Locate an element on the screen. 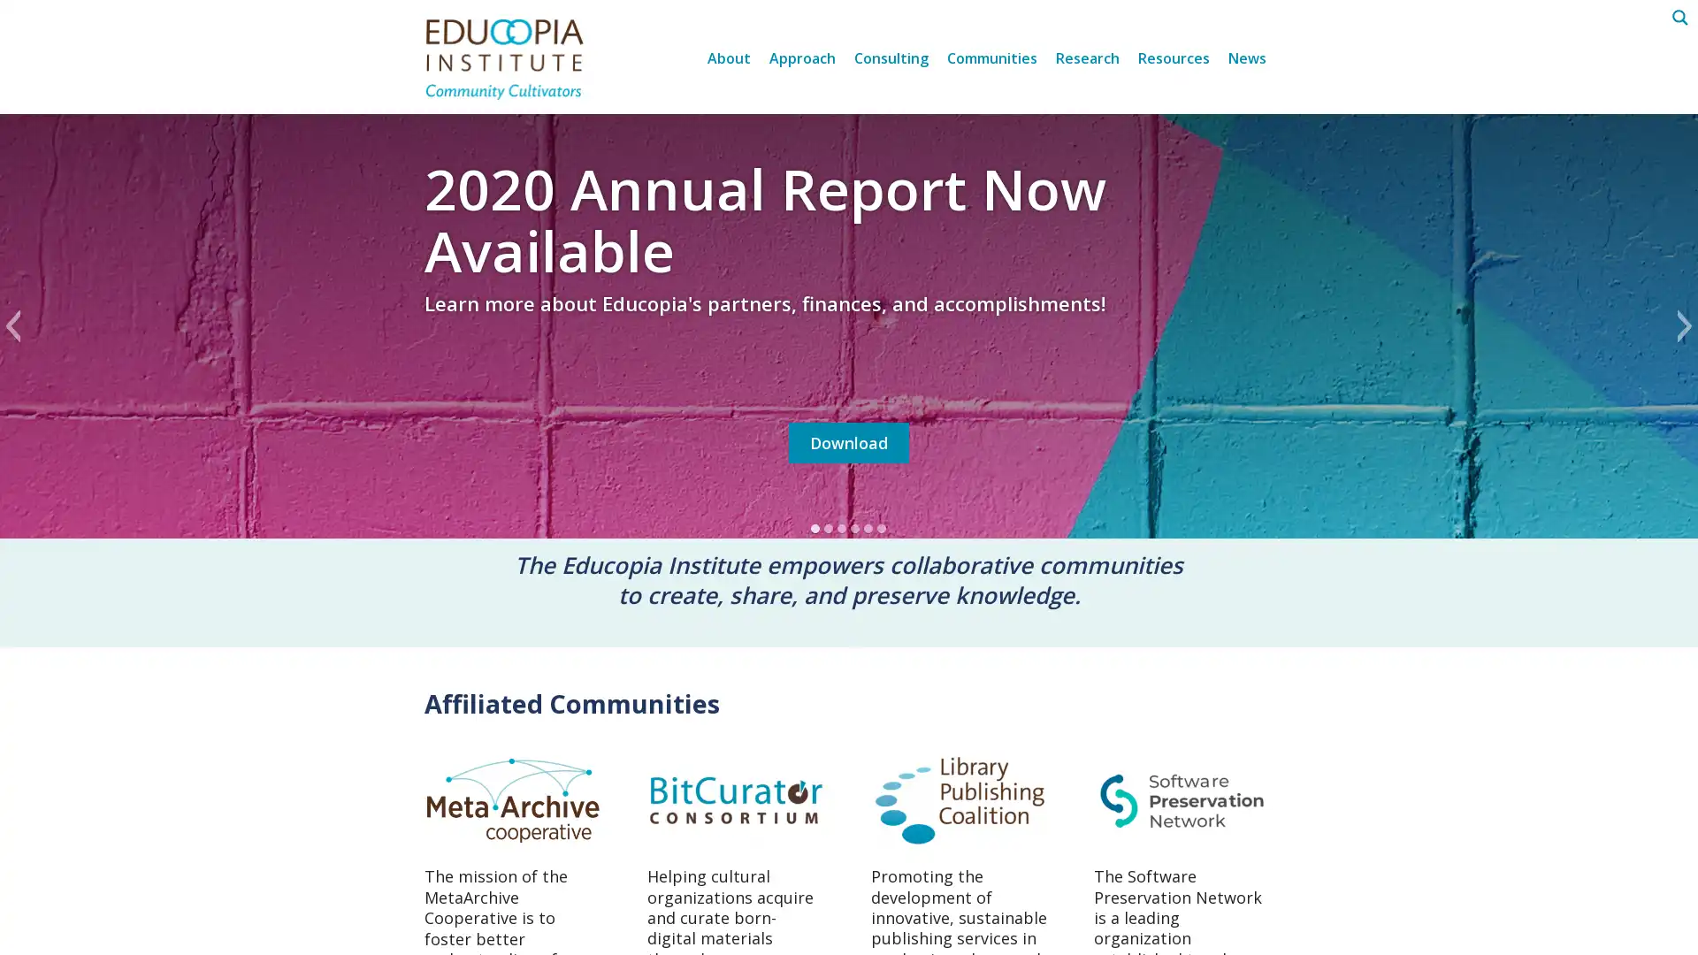 This screenshot has height=955, width=1698. Go to slide 1 is located at coordinates (815, 528).